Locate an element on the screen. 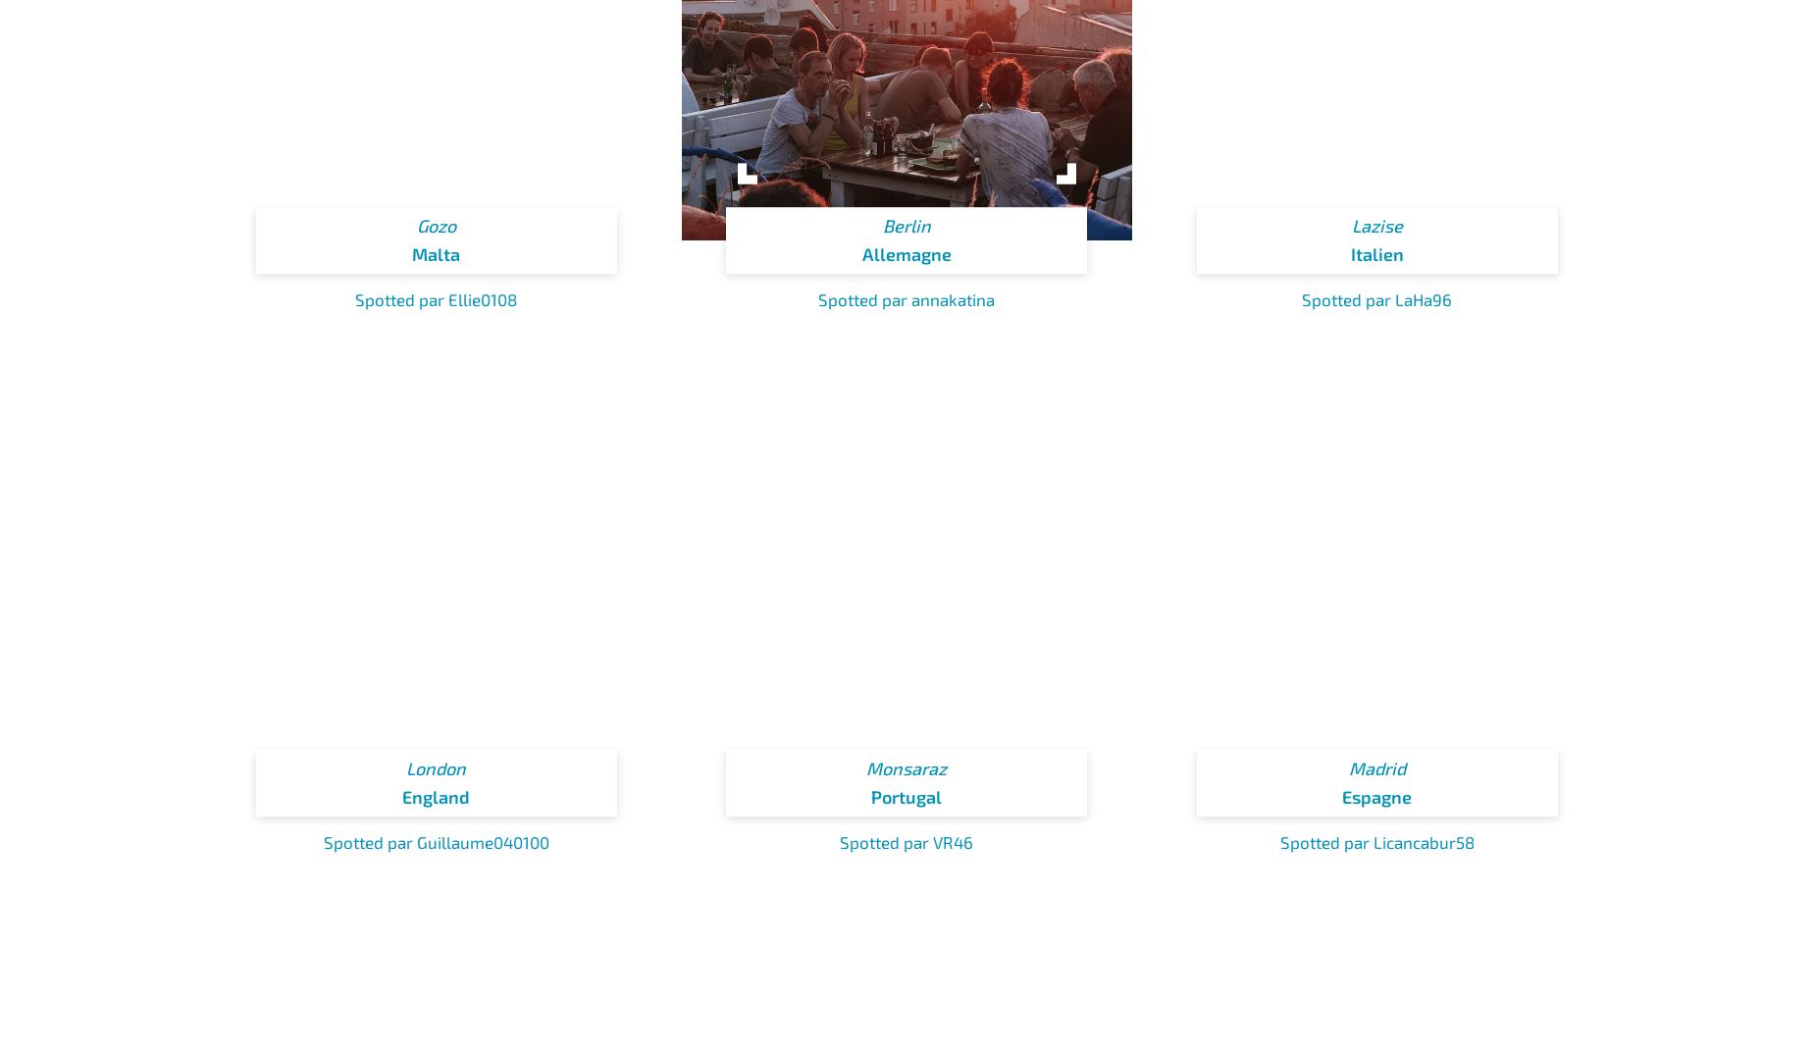  'Spotted par VR46' is located at coordinates (839, 841).